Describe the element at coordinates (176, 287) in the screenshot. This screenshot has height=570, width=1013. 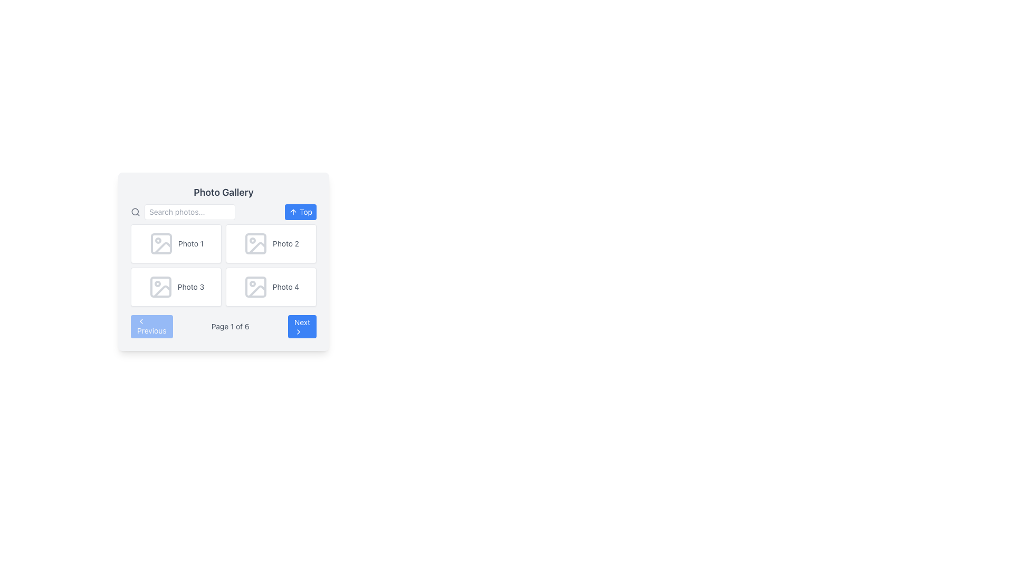
I see `the button labeled 'Photo 3' which features a gray icon resembling a photo, located in the second row and first column of the grid` at that location.